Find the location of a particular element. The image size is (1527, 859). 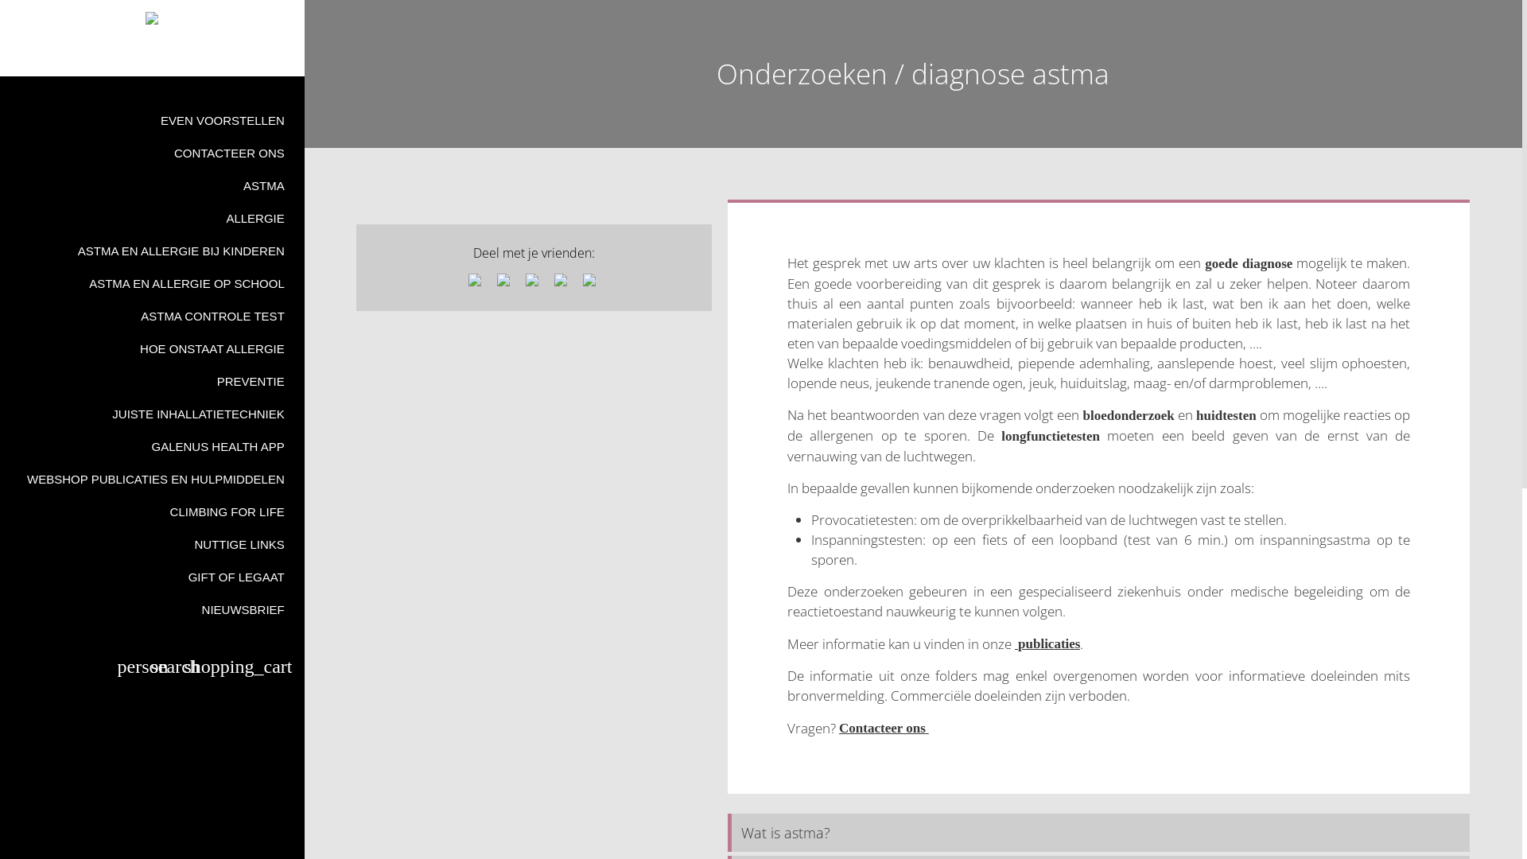

'HOE ONSTAAT ALLERGIE' is located at coordinates (152, 348).